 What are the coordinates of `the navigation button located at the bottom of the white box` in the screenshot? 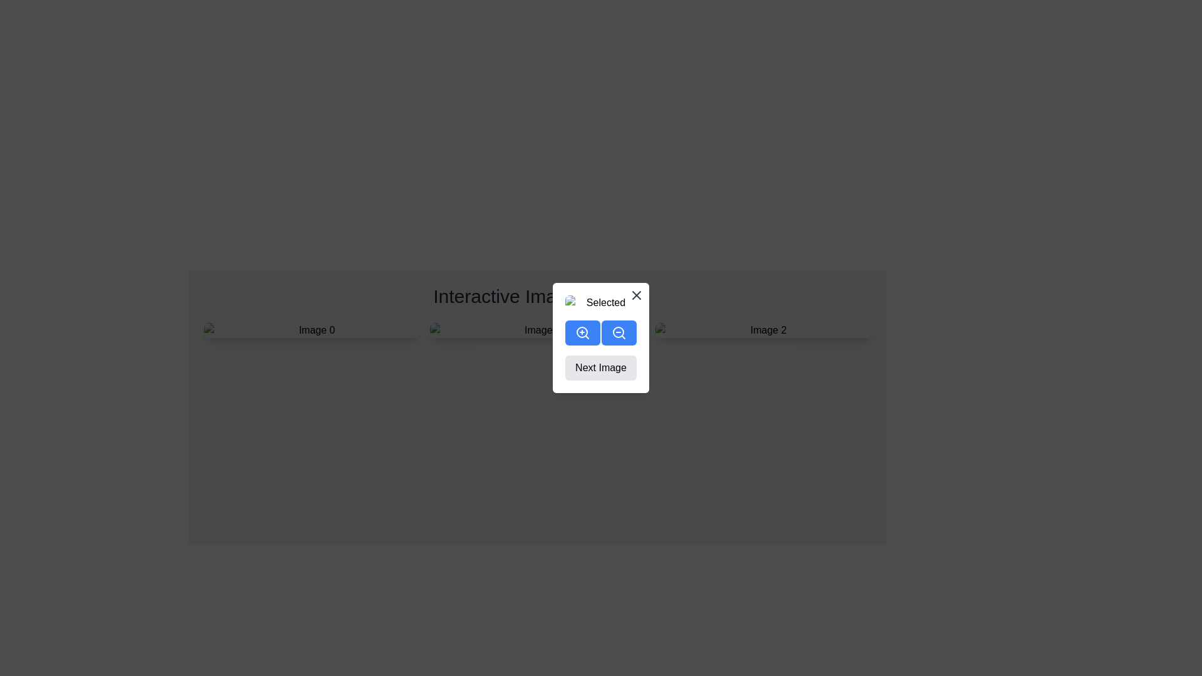 It's located at (601, 338).